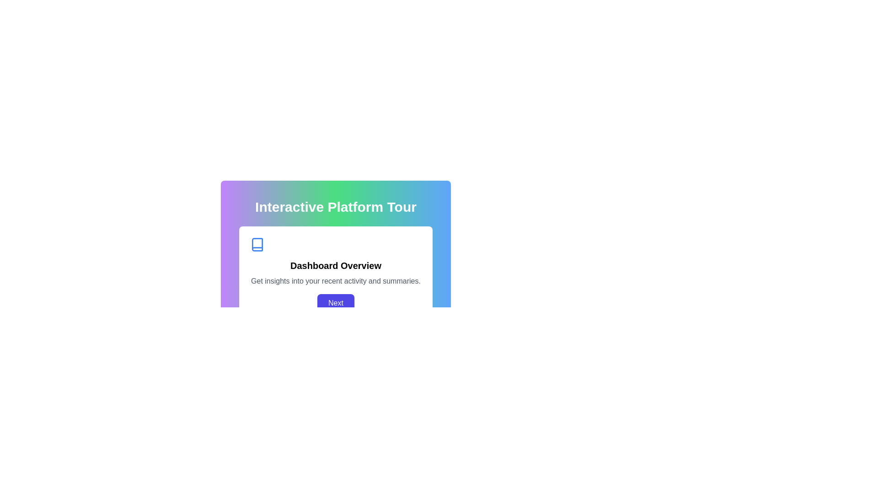 The height and width of the screenshot is (494, 878). I want to click on the SVG icon representing knowledge, located in the card below 'Interactive Platform Tour', to the left of 'Dashboard Overview', so click(257, 244).